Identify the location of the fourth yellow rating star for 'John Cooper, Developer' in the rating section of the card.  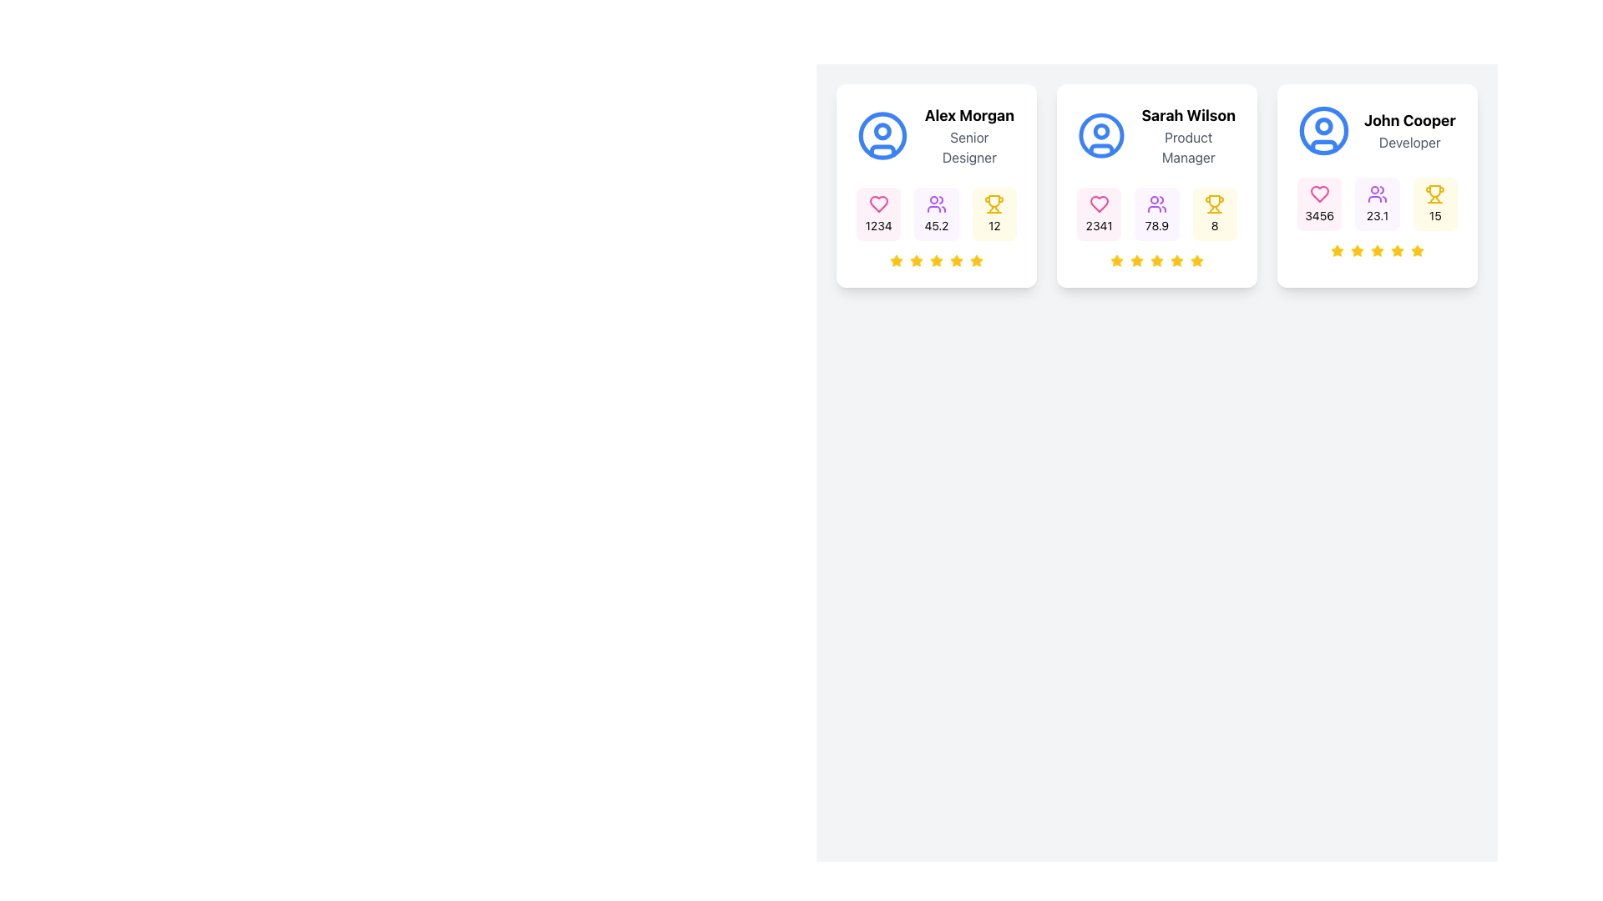
(1358, 250).